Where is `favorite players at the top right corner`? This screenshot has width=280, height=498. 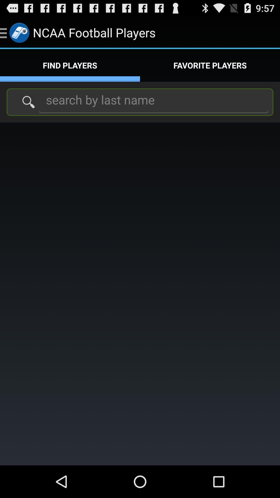
favorite players at the top right corner is located at coordinates (210, 65).